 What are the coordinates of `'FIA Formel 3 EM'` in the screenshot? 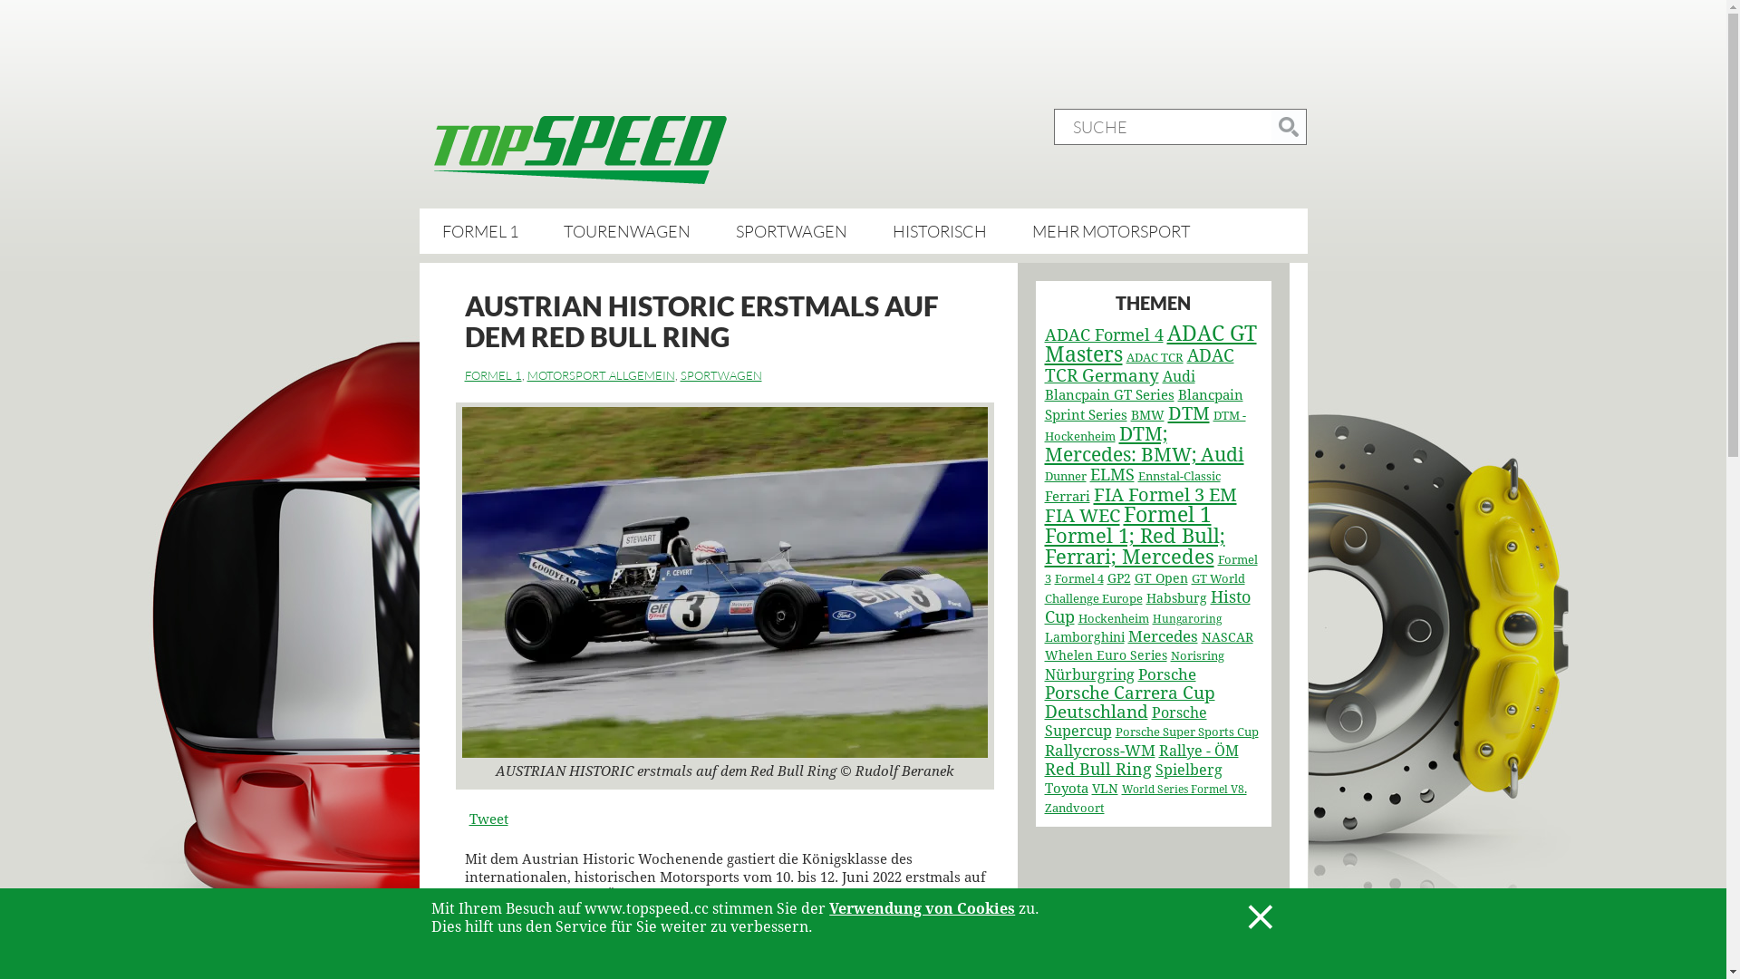 It's located at (1165, 495).